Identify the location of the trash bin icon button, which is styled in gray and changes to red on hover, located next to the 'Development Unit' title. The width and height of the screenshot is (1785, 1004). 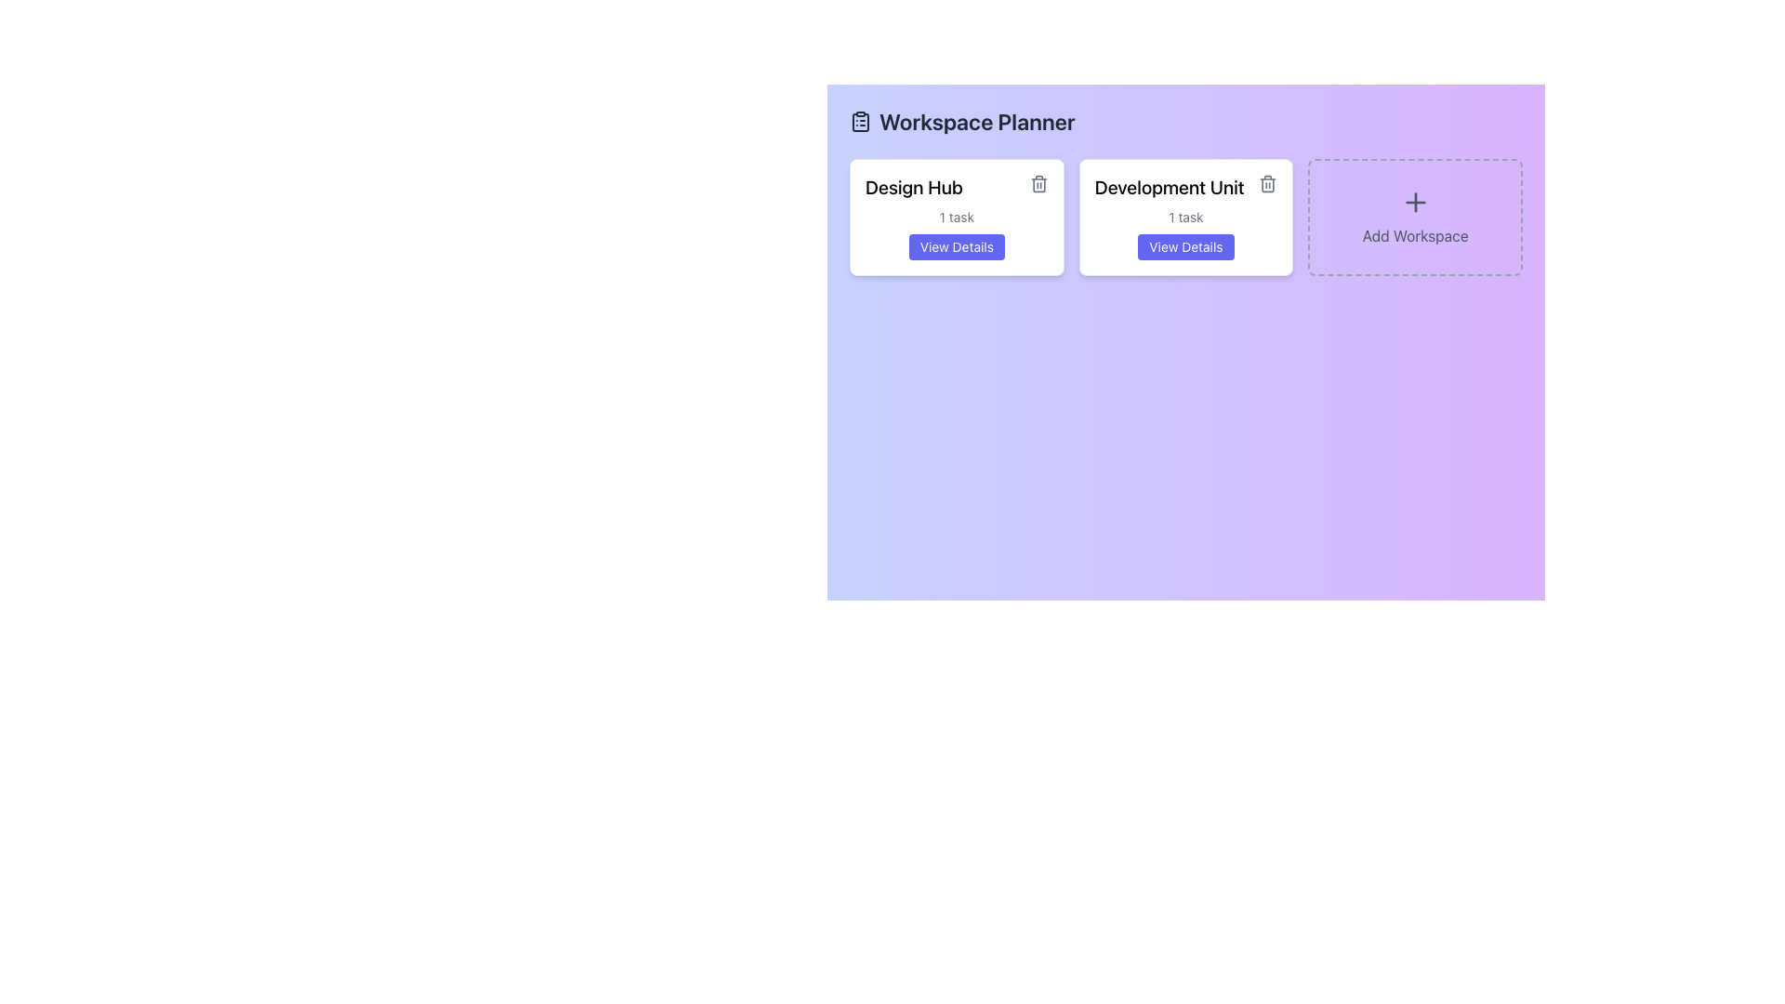
(1267, 183).